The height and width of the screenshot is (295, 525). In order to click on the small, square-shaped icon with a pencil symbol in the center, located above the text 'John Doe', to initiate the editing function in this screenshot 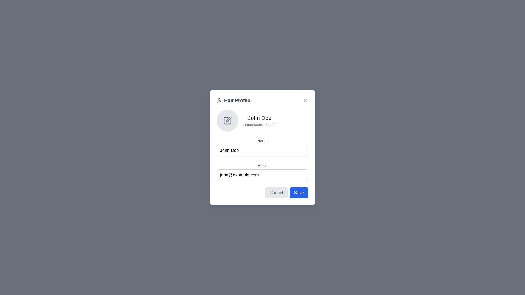, I will do `click(227, 120)`.